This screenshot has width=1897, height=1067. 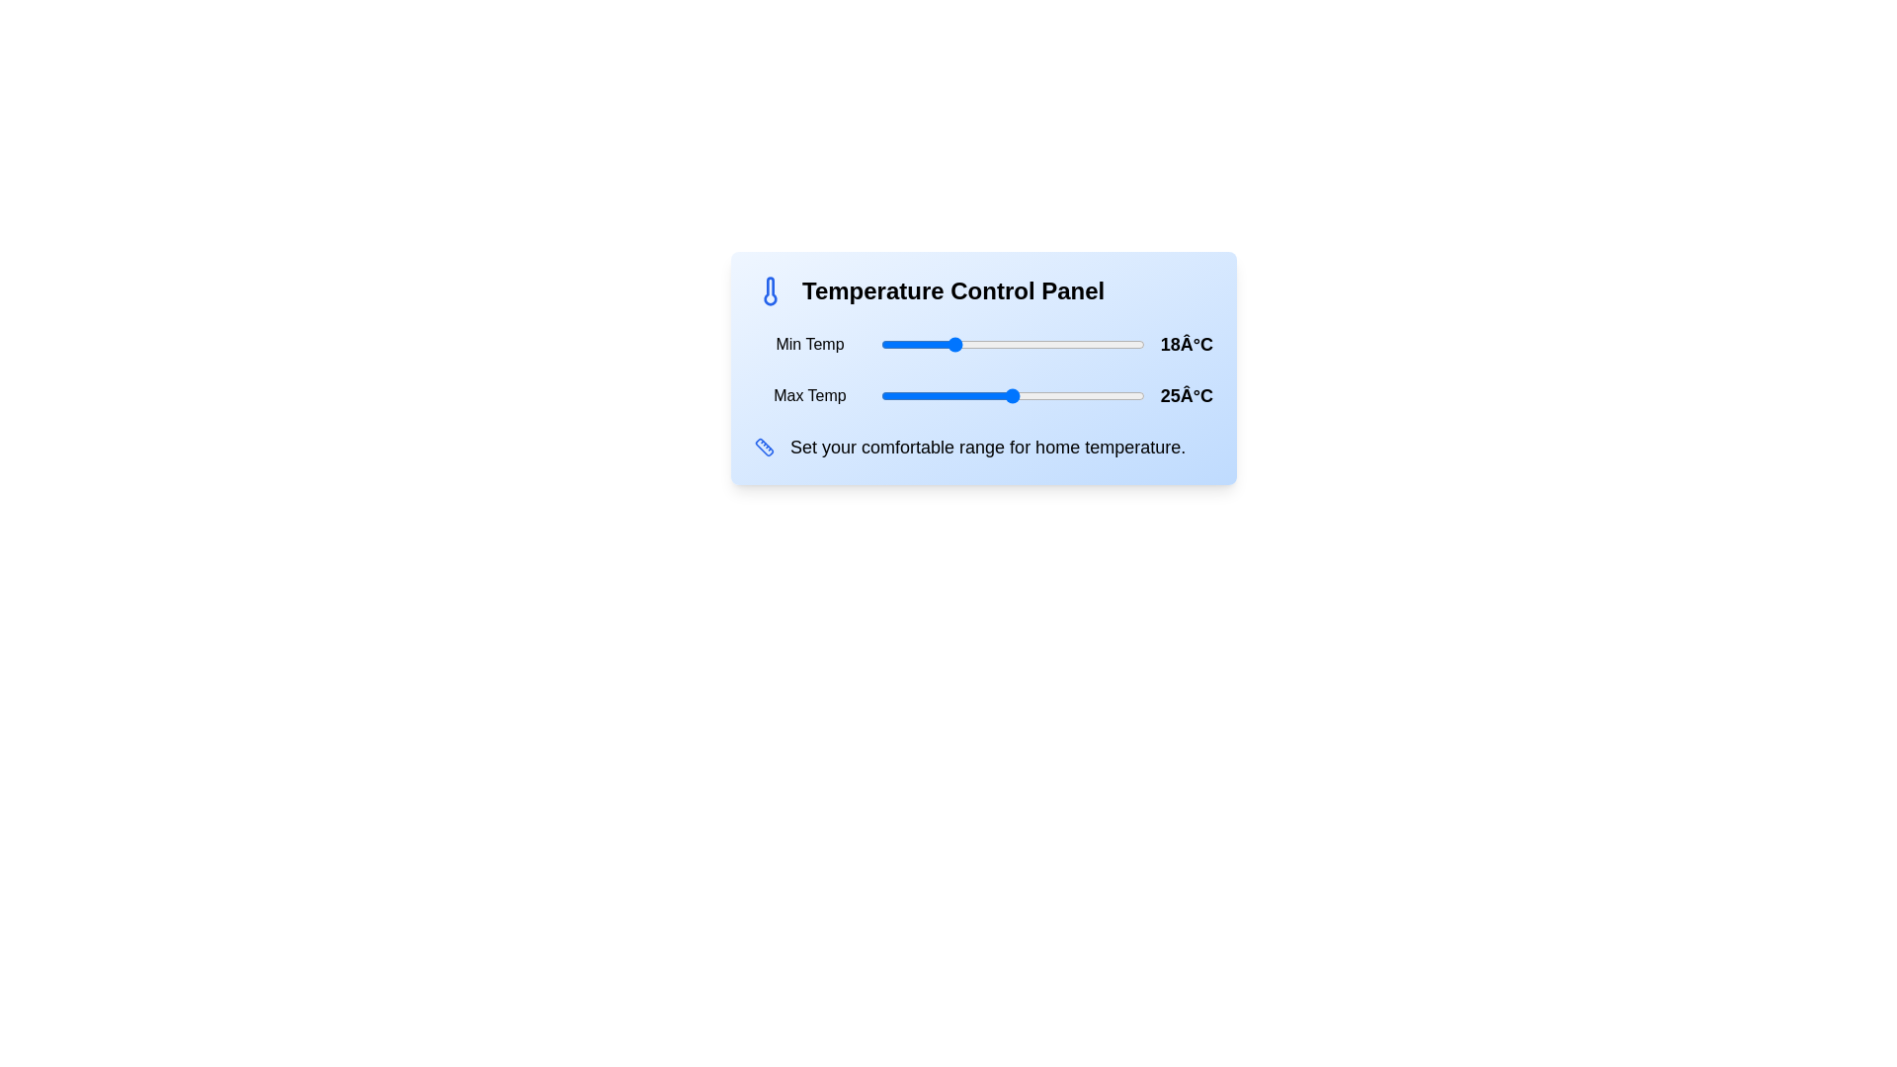 I want to click on the maximum temperature slider to 24°C, so click(x=1004, y=396).